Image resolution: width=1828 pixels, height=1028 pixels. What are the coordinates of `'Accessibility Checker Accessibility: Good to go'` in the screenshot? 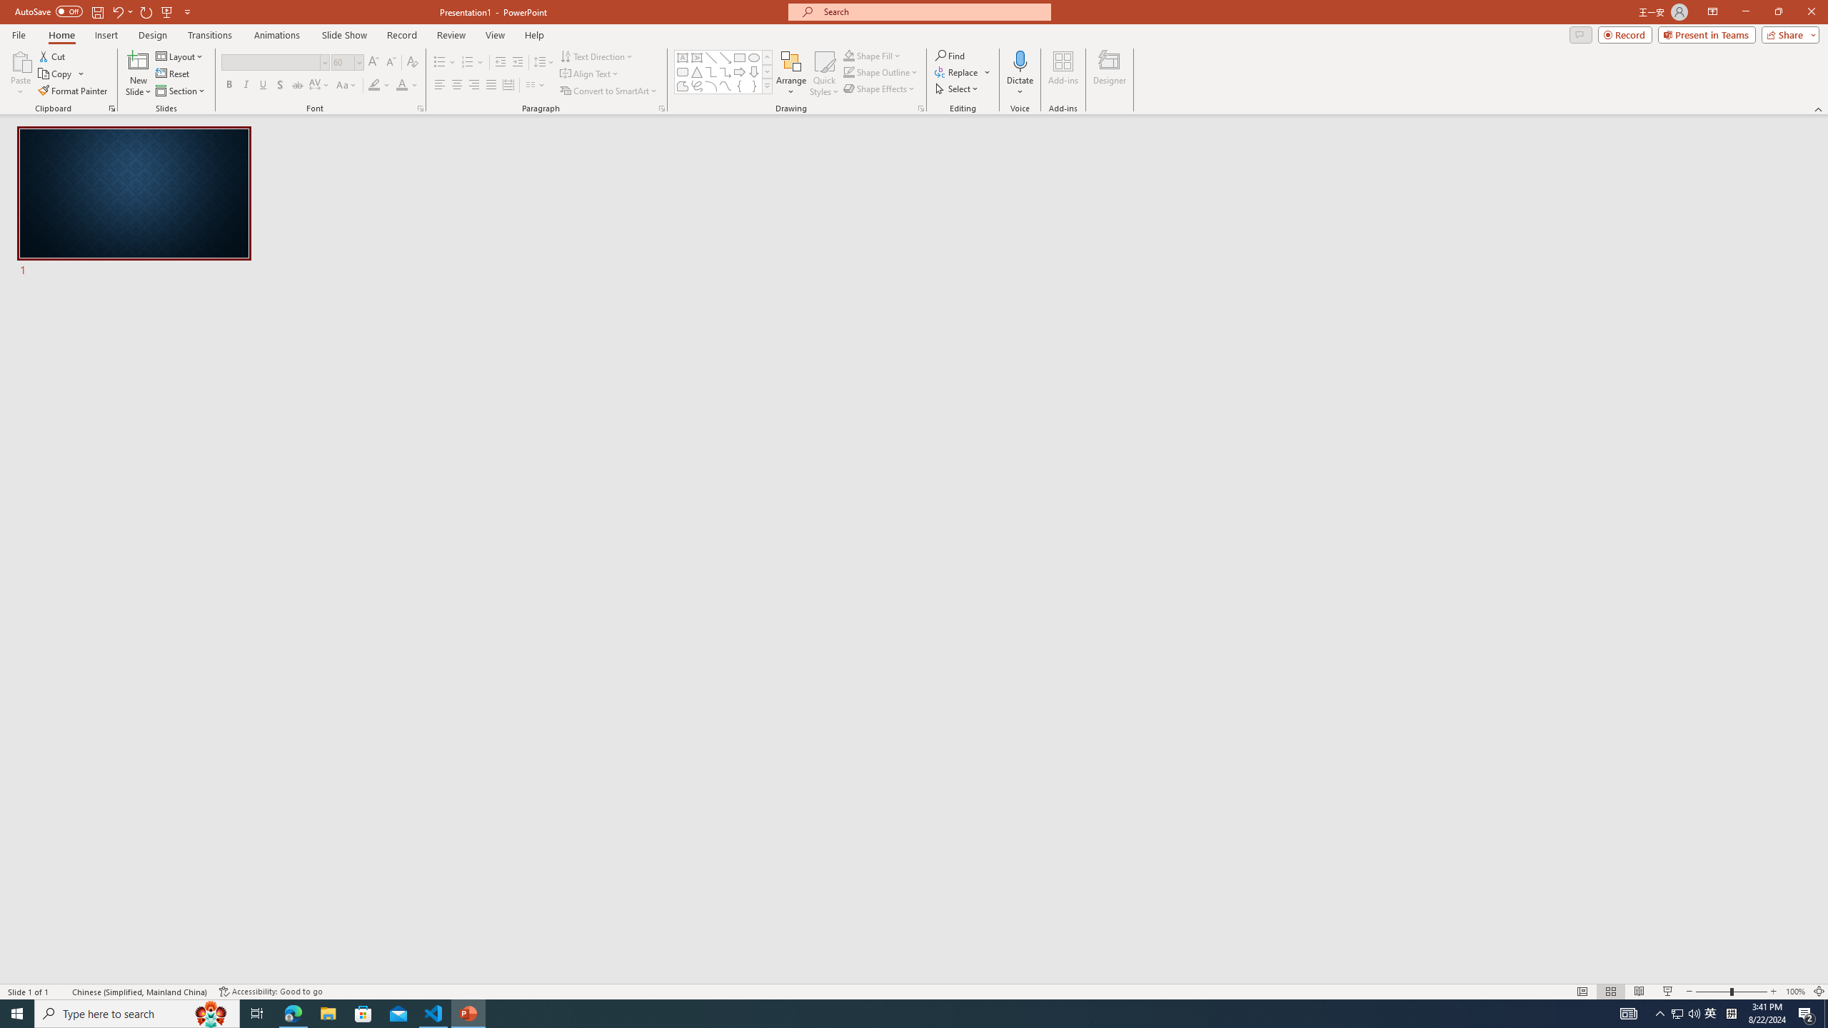 It's located at (271, 992).